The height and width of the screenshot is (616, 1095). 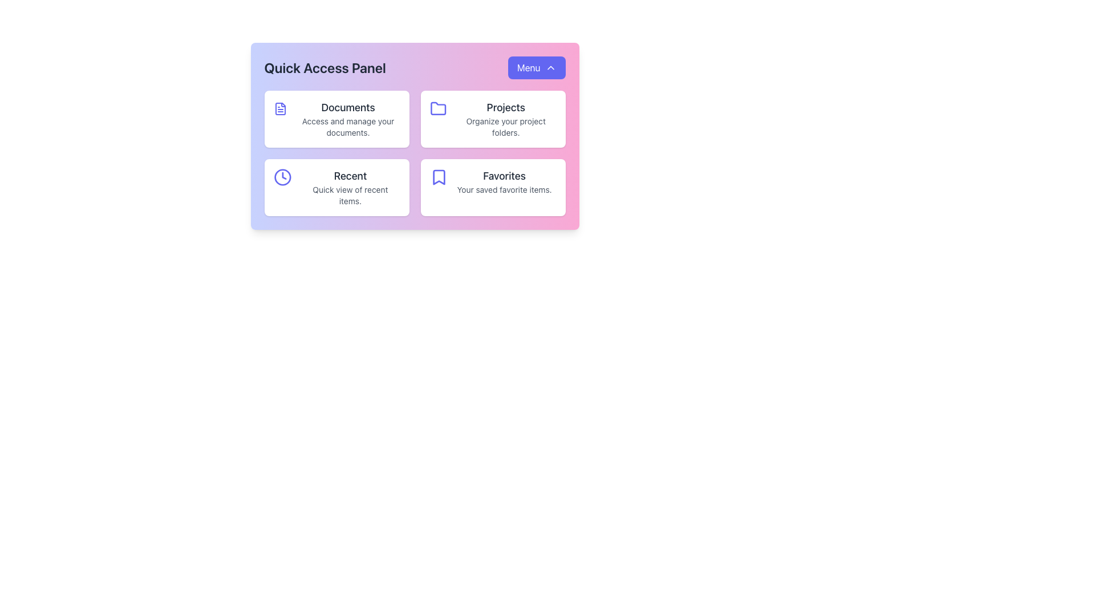 I want to click on the Interactive Card titled 'Projects', which features a folder icon on the left and a description below, located in the top-right corner of the Quick Access Panel, so click(x=493, y=119).